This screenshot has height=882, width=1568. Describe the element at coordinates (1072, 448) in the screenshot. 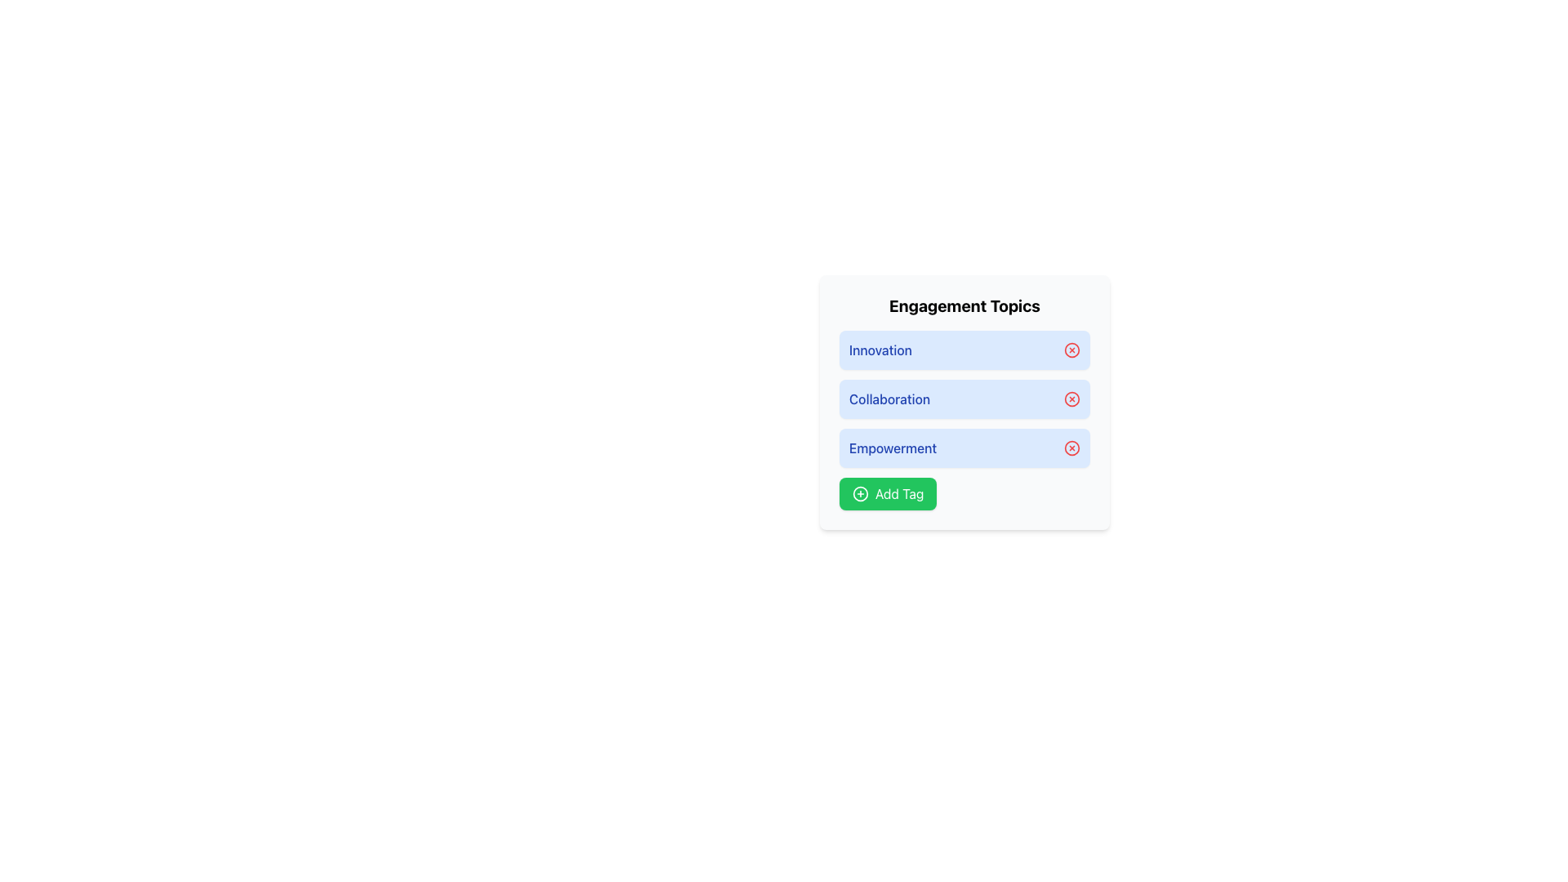

I see `the circular 'X' icon located in the bottom row of interactive controls` at that location.